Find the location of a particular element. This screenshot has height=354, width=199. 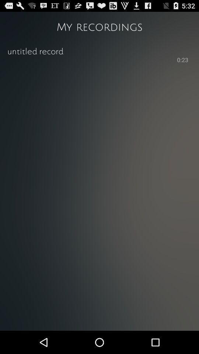

0:23 item is located at coordinates (182, 60).